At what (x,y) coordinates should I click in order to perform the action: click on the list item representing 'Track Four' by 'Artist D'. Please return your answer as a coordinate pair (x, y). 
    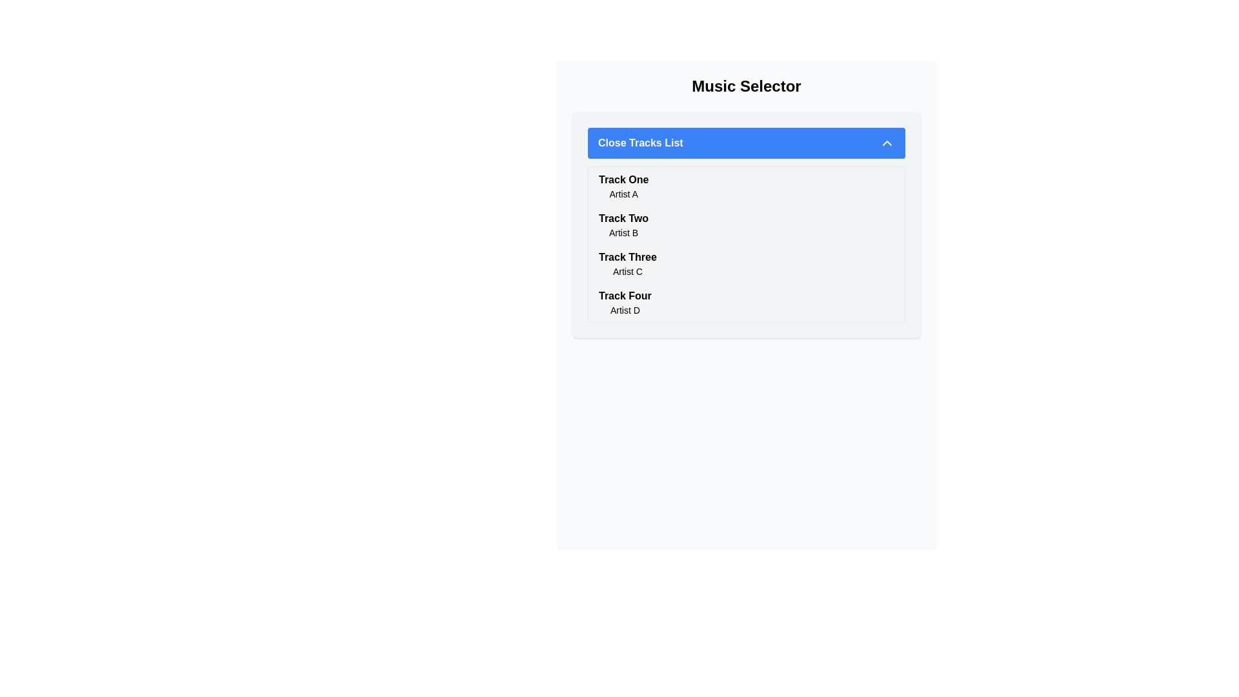
    Looking at the image, I should click on (746, 303).